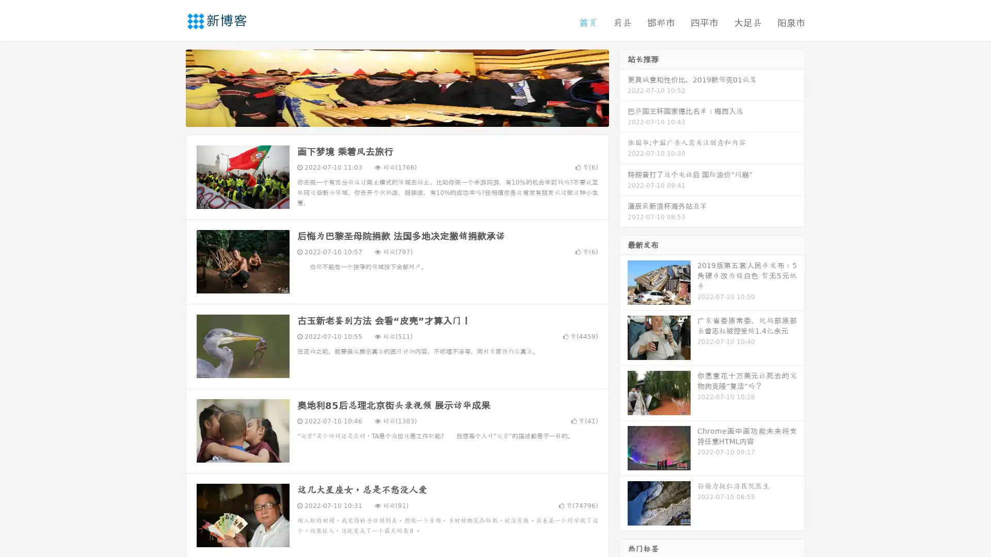 Image resolution: width=991 pixels, height=557 pixels. Describe the element at coordinates (396, 116) in the screenshot. I see `Go to slide 2` at that location.